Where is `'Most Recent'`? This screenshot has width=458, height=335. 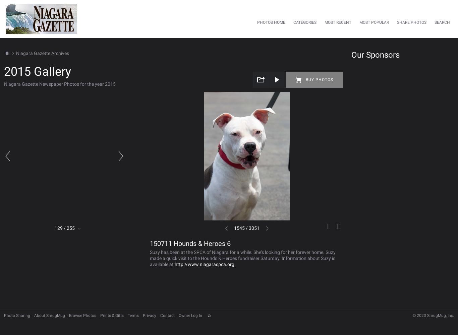
'Most Recent' is located at coordinates (338, 22).